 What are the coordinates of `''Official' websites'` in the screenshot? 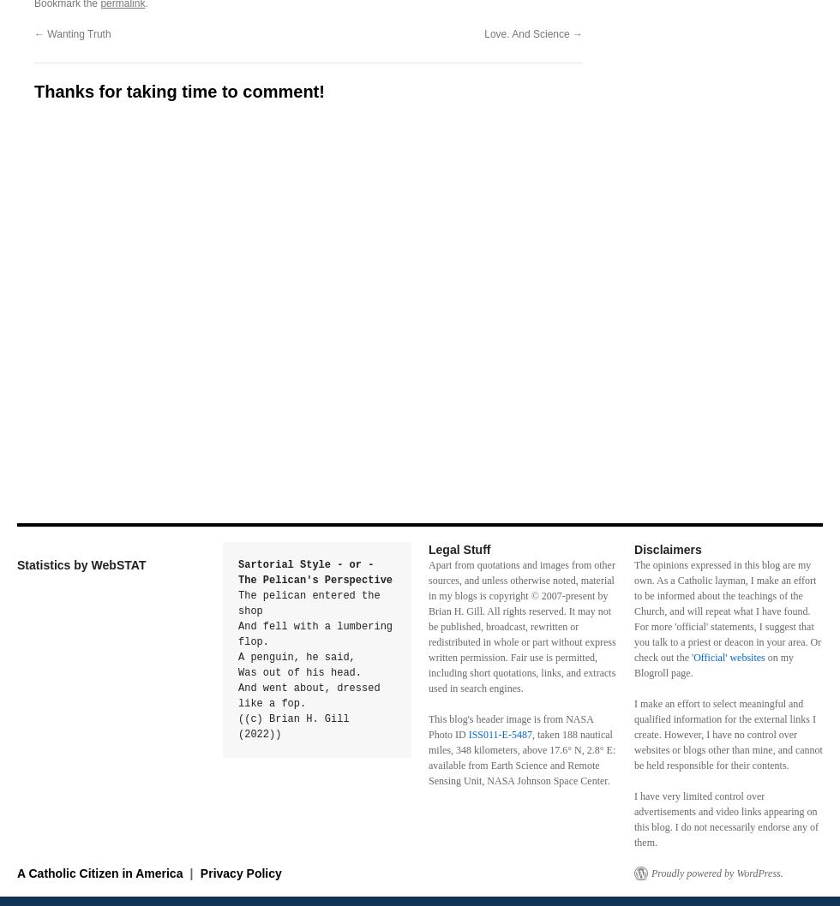 It's located at (727, 658).